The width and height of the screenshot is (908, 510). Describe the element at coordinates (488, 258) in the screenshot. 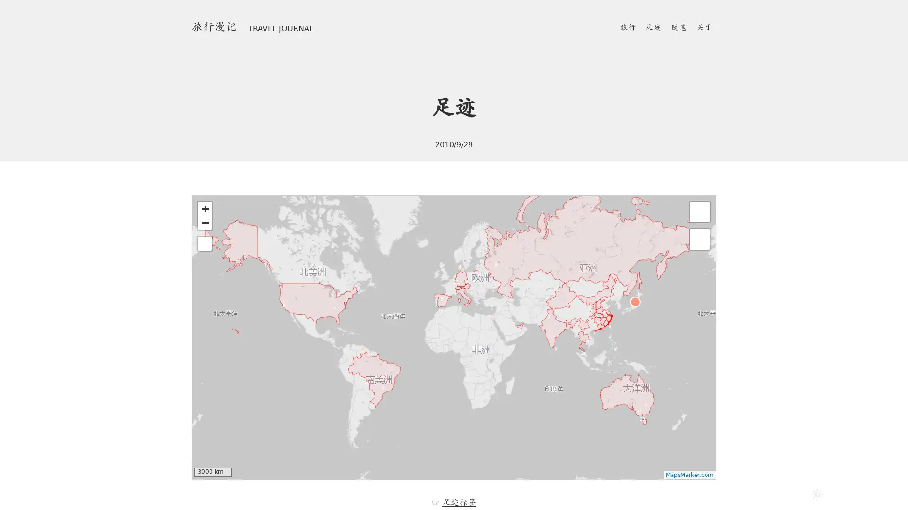

I see `4` at that location.